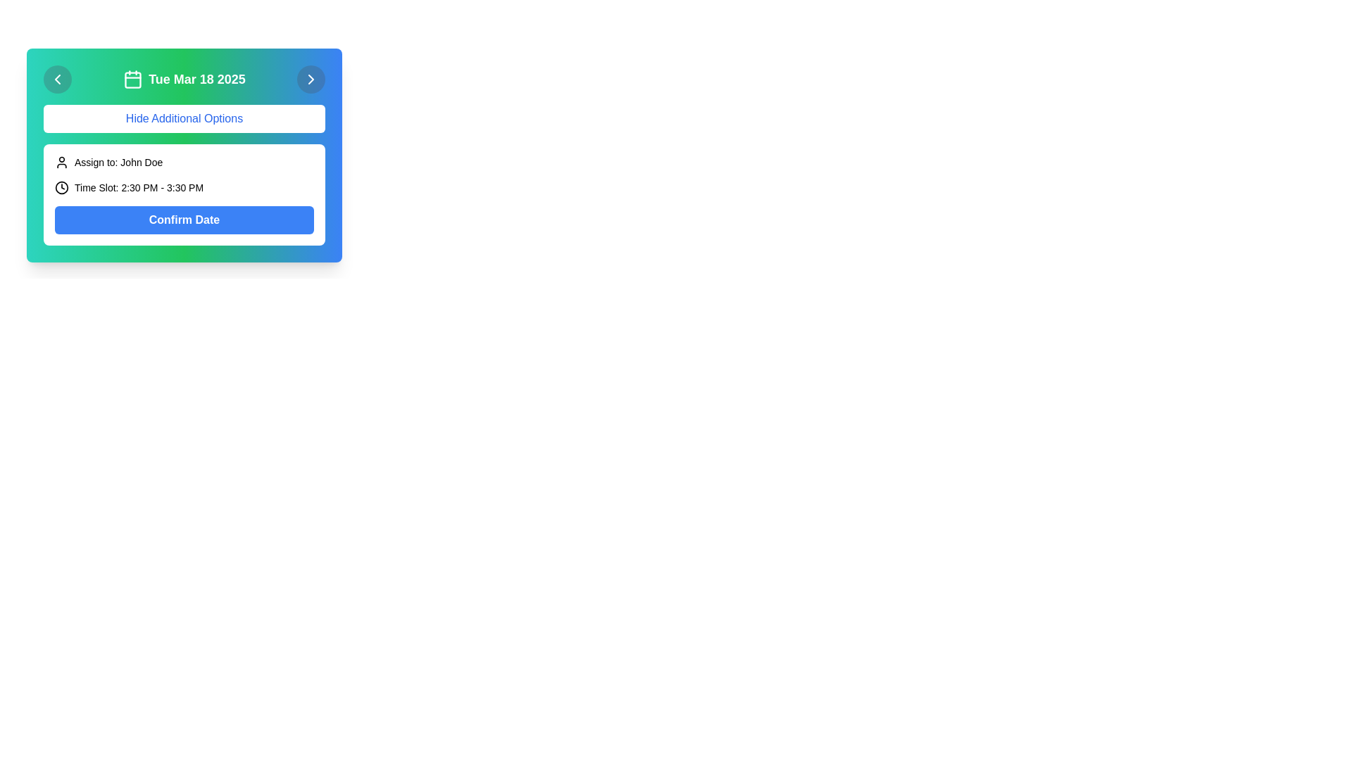 The image size is (1352, 760). Describe the element at coordinates (61, 162) in the screenshot. I see `the user icon located to the left of the text 'Assign to: John Doe' in the white card area` at that location.